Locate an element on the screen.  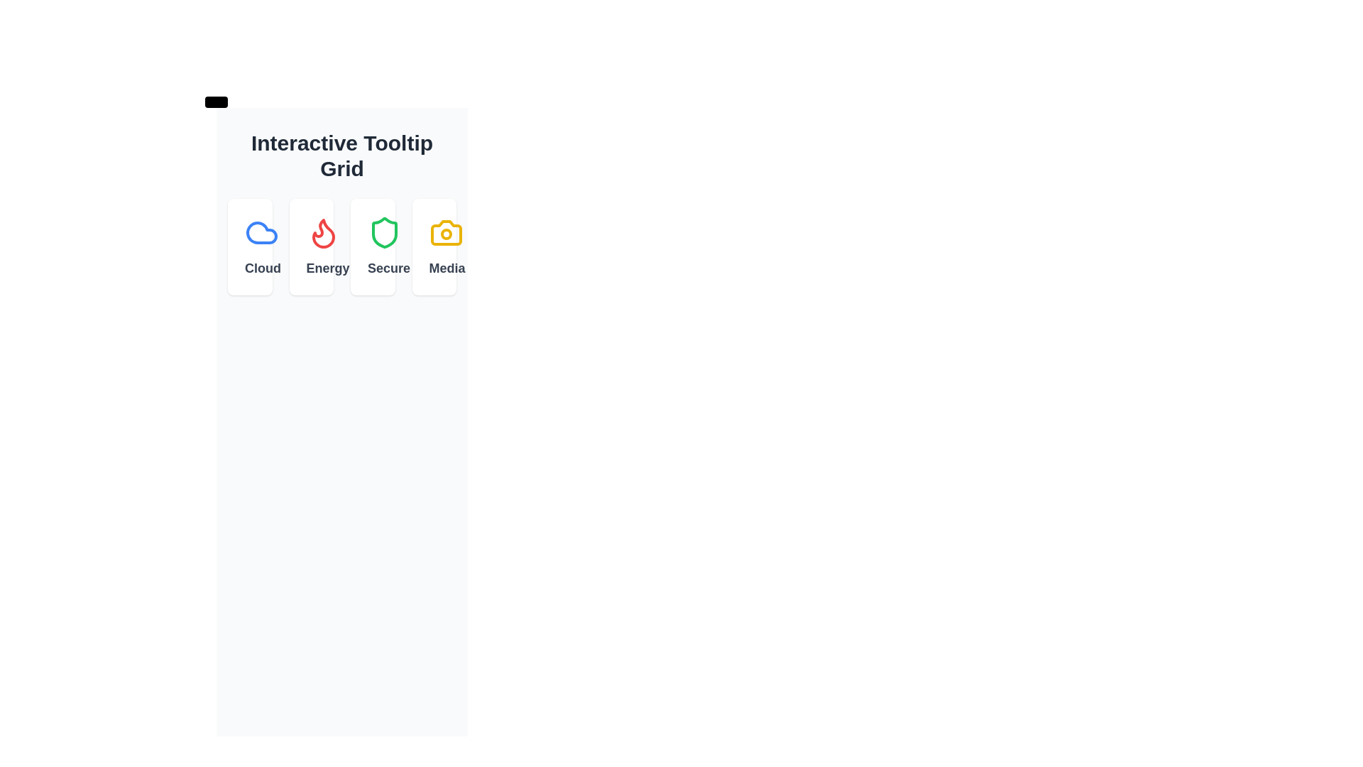
the security Icon in the 'Secure' section of the Interactive Tooltip Grid, which is located between the 'Energy' and 'Media' sections is located at coordinates (385, 232).